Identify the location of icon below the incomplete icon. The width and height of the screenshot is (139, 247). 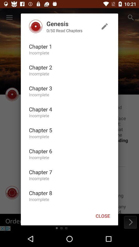
(40, 151).